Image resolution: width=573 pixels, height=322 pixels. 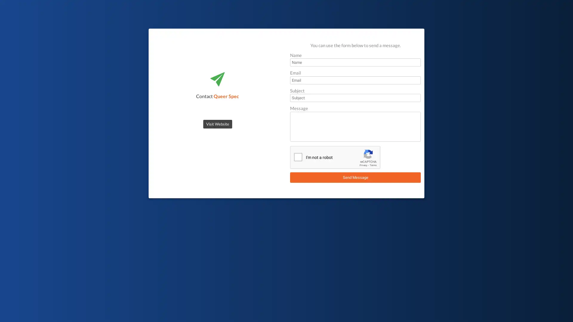 What do you see at coordinates (355, 177) in the screenshot?
I see `Send Message` at bounding box center [355, 177].